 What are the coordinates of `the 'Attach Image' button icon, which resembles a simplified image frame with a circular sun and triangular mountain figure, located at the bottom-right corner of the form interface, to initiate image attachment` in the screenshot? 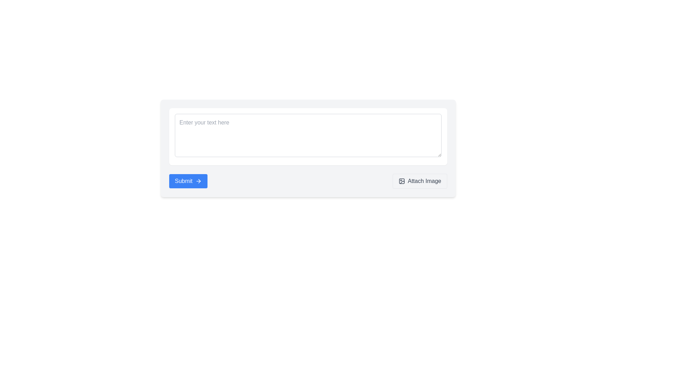 It's located at (402, 181).